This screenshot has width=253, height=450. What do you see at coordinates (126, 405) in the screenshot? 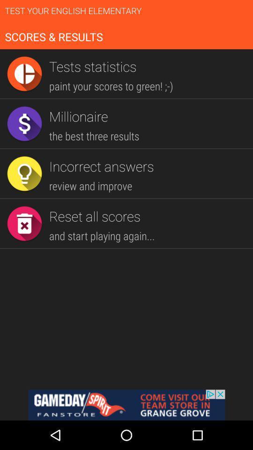
I see `gameday fanstore` at bounding box center [126, 405].